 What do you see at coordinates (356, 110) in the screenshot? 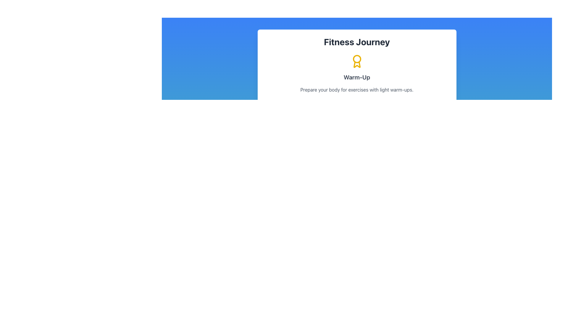
I see `the navigation buttons located at the bottom of the card` at bounding box center [356, 110].